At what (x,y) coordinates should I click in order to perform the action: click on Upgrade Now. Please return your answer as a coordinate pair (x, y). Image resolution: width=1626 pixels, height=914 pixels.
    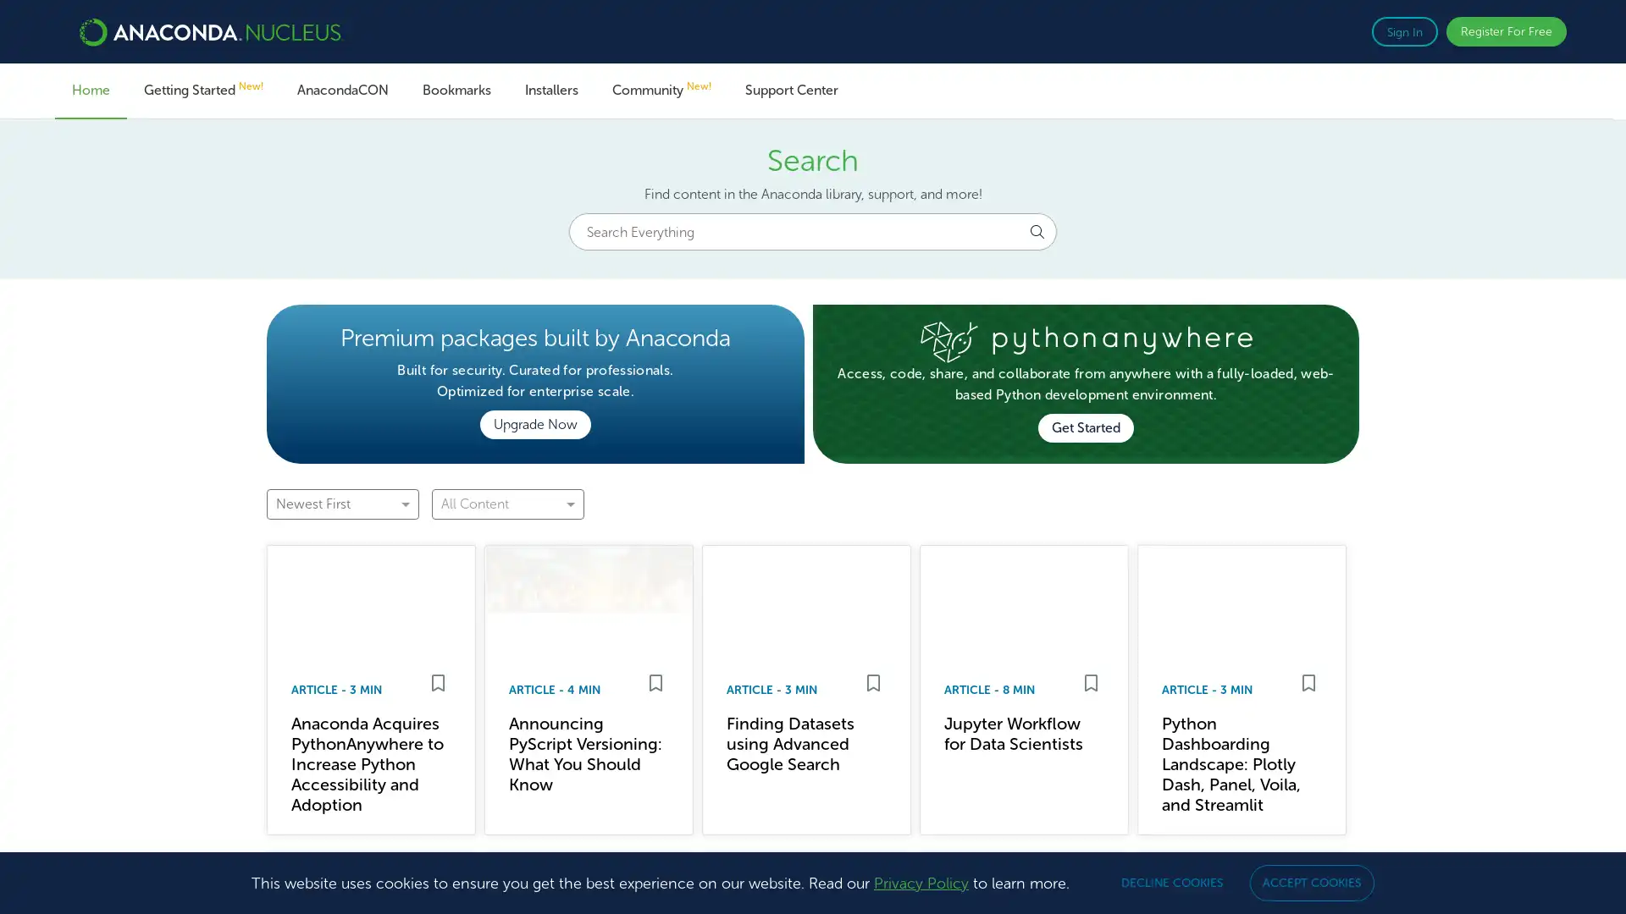
    Looking at the image, I should click on (534, 423).